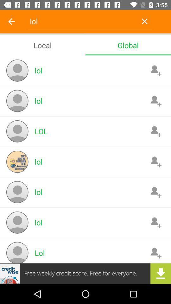  What do you see at coordinates (155, 161) in the screenshot?
I see `advertisement lol person` at bounding box center [155, 161].